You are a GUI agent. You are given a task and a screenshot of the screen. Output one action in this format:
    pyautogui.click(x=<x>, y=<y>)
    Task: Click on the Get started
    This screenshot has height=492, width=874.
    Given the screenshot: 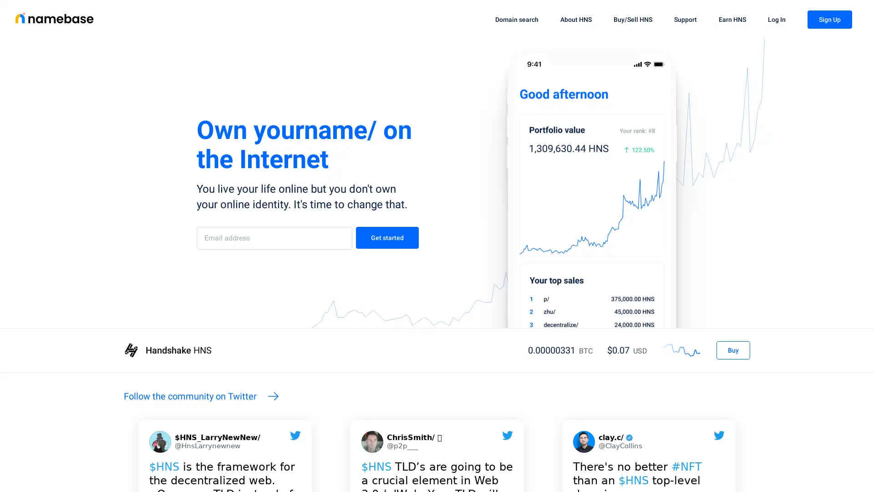 What is the action you would take?
    pyautogui.click(x=387, y=237)
    